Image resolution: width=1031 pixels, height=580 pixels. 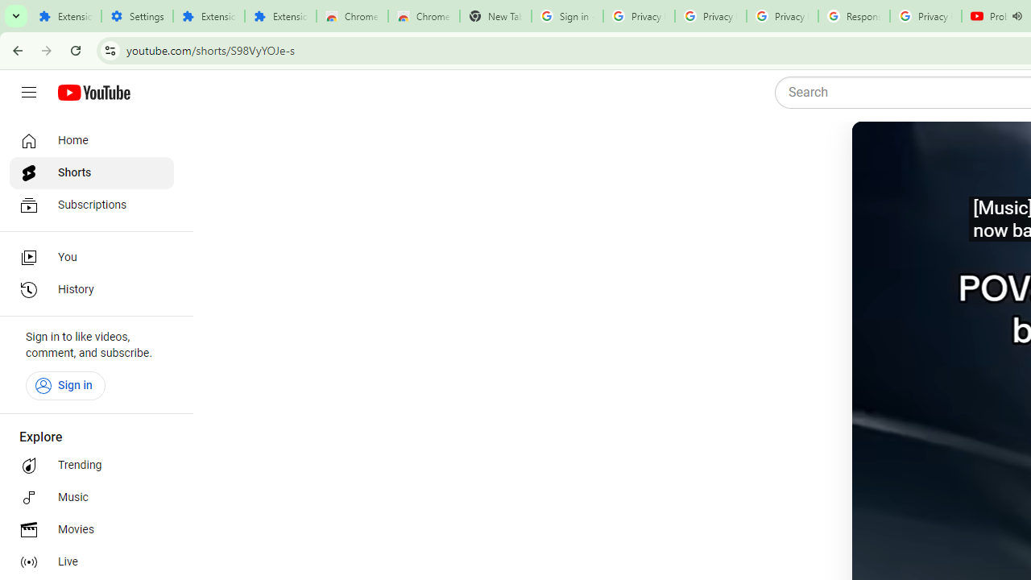 I want to click on 'Chrome Web Store - Themes', so click(x=424, y=16).